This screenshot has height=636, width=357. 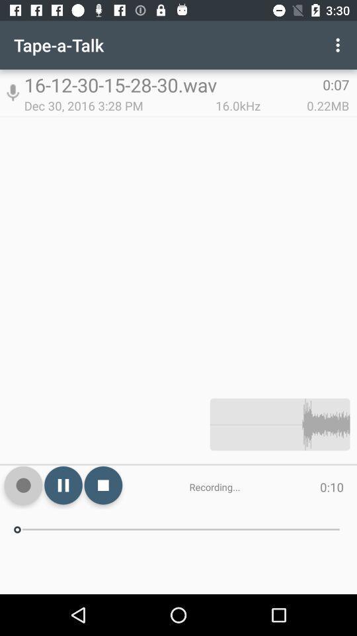 I want to click on app next to 16 12 30 app, so click(x=12, y=92).